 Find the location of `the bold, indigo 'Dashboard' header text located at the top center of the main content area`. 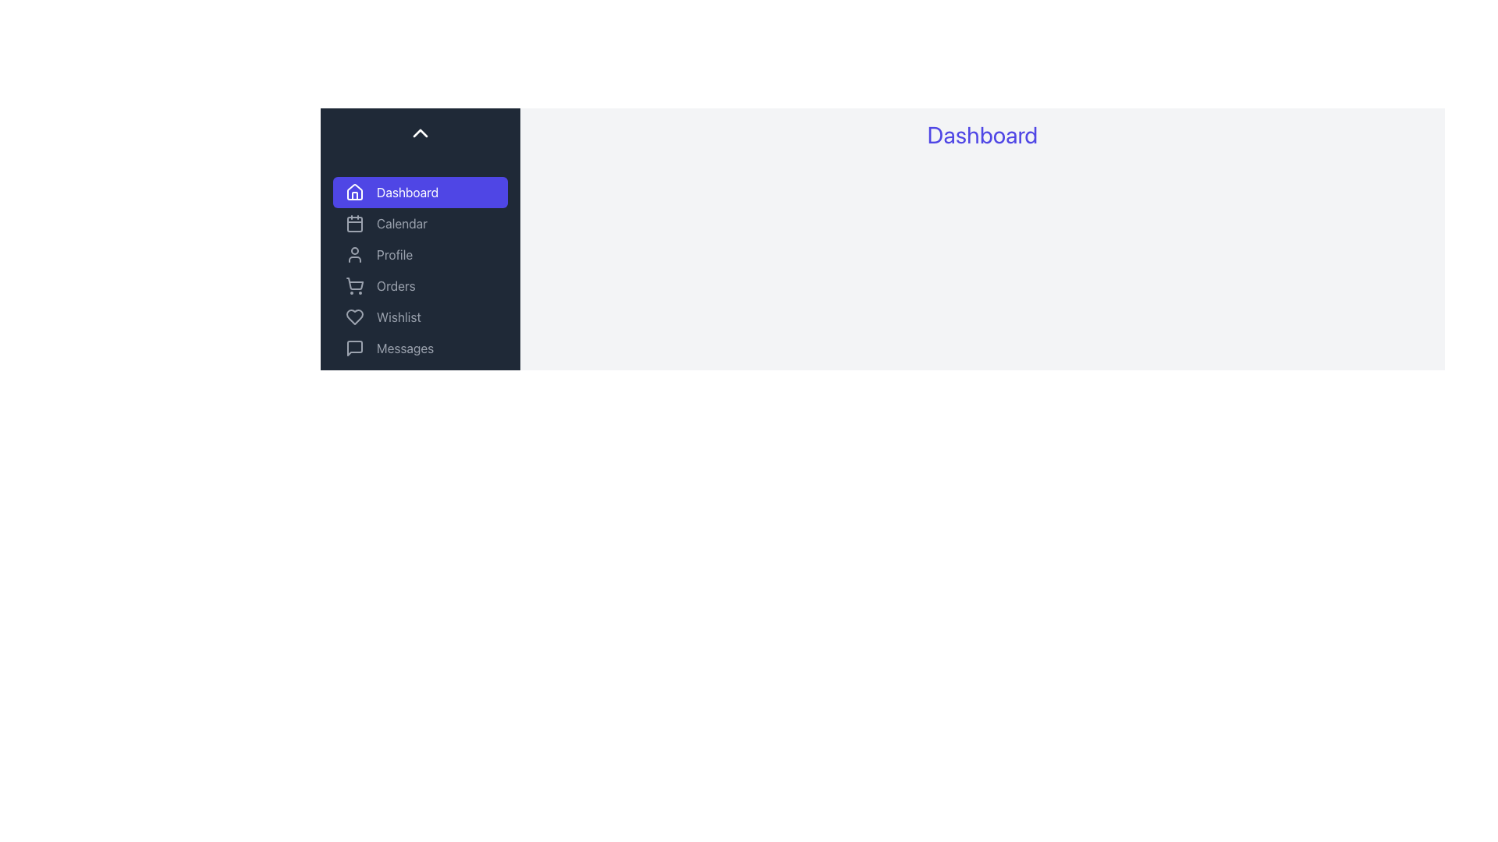

the bold, indigo 'Dashboard' header text located at the top center of the main content area is located at coordinates (982, 134).